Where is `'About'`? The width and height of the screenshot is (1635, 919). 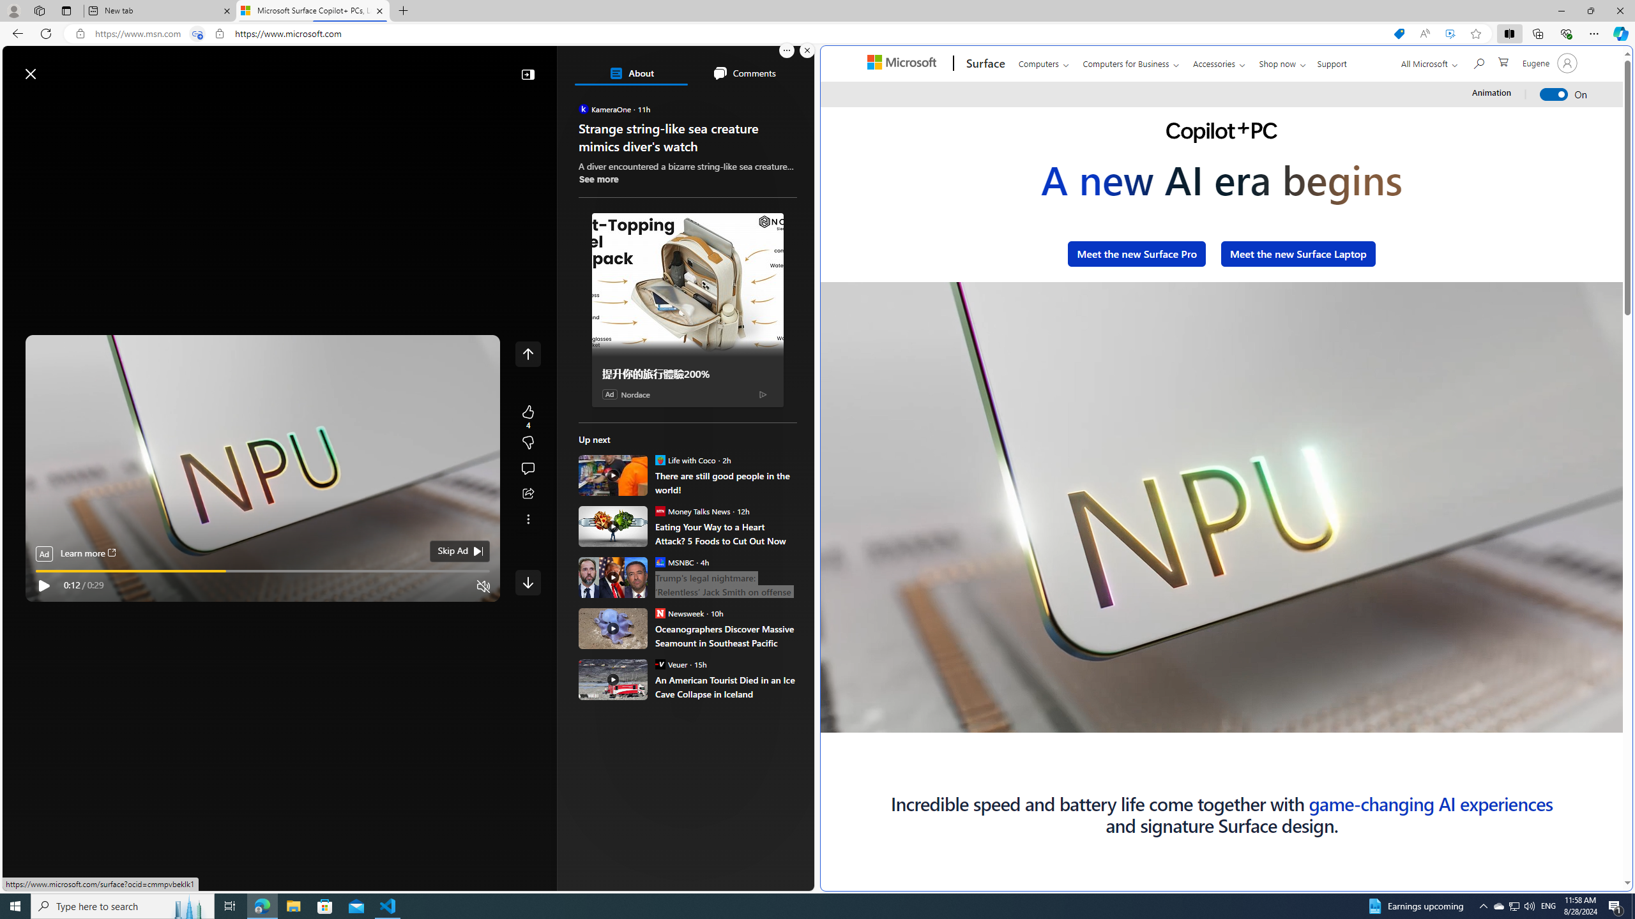
'About' is located at coordinates (630, 73).